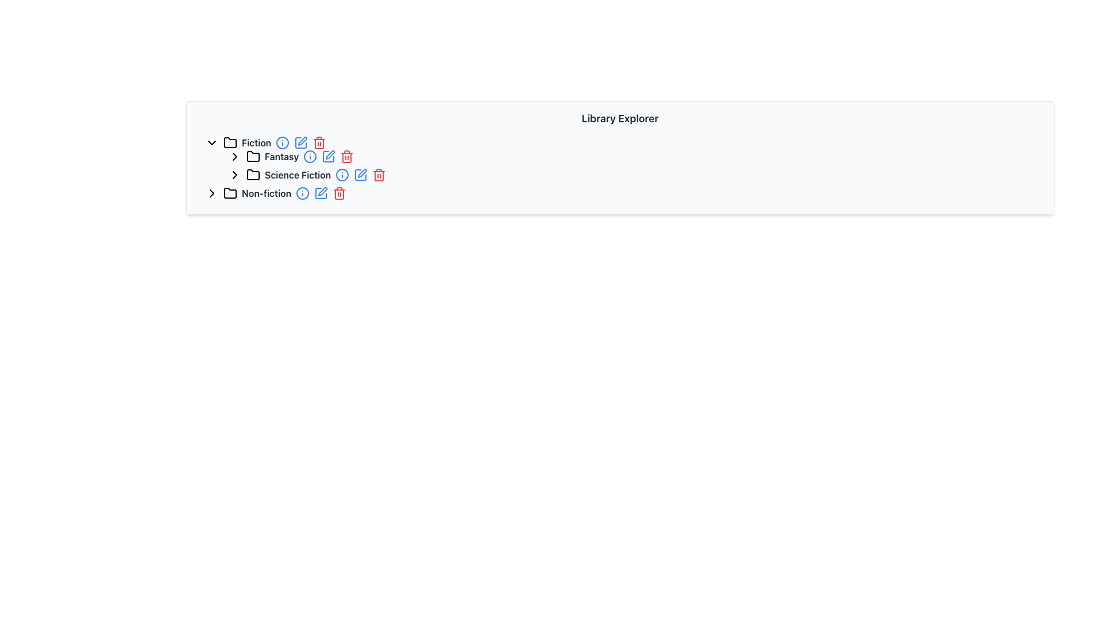  What do you see at coordinates (303, 192) in the screenshot?
I see `the SVG circle element that represents the core of the information icon next to the 'Science Fiction' entry` at bounding box center [303, 192].